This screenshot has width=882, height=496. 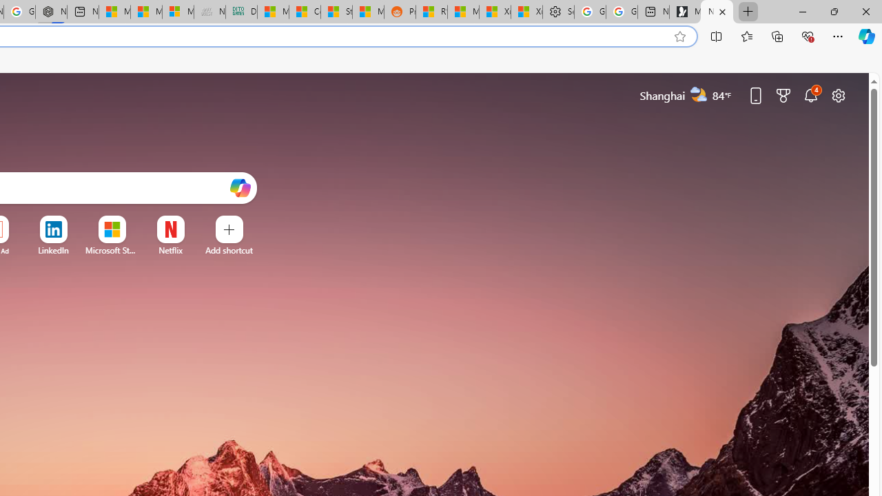 What do you see at coordinates (837, 94) in the screenshot?
I see `'Page settings'` at bounding box center [837, 94].